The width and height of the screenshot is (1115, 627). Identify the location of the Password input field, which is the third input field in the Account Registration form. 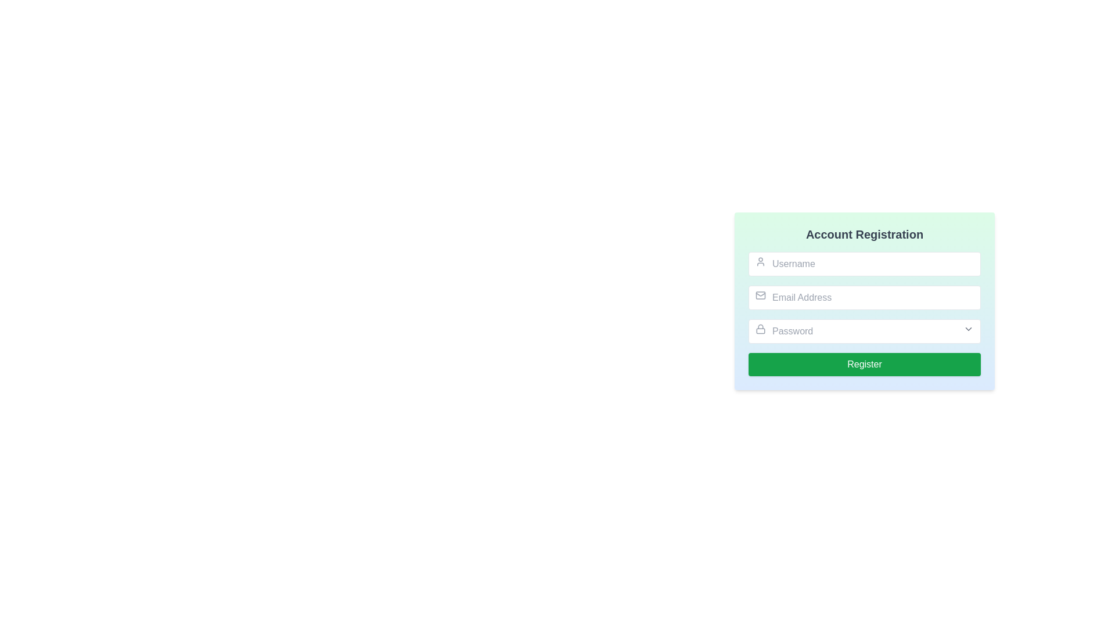
(864, 331).